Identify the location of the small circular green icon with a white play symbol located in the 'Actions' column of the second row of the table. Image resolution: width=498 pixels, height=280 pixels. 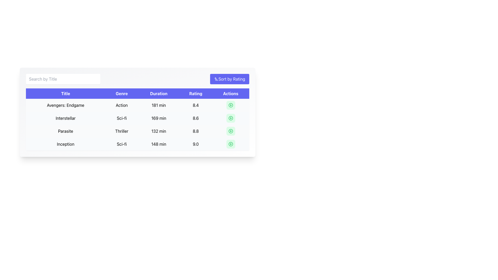
(230, 118).